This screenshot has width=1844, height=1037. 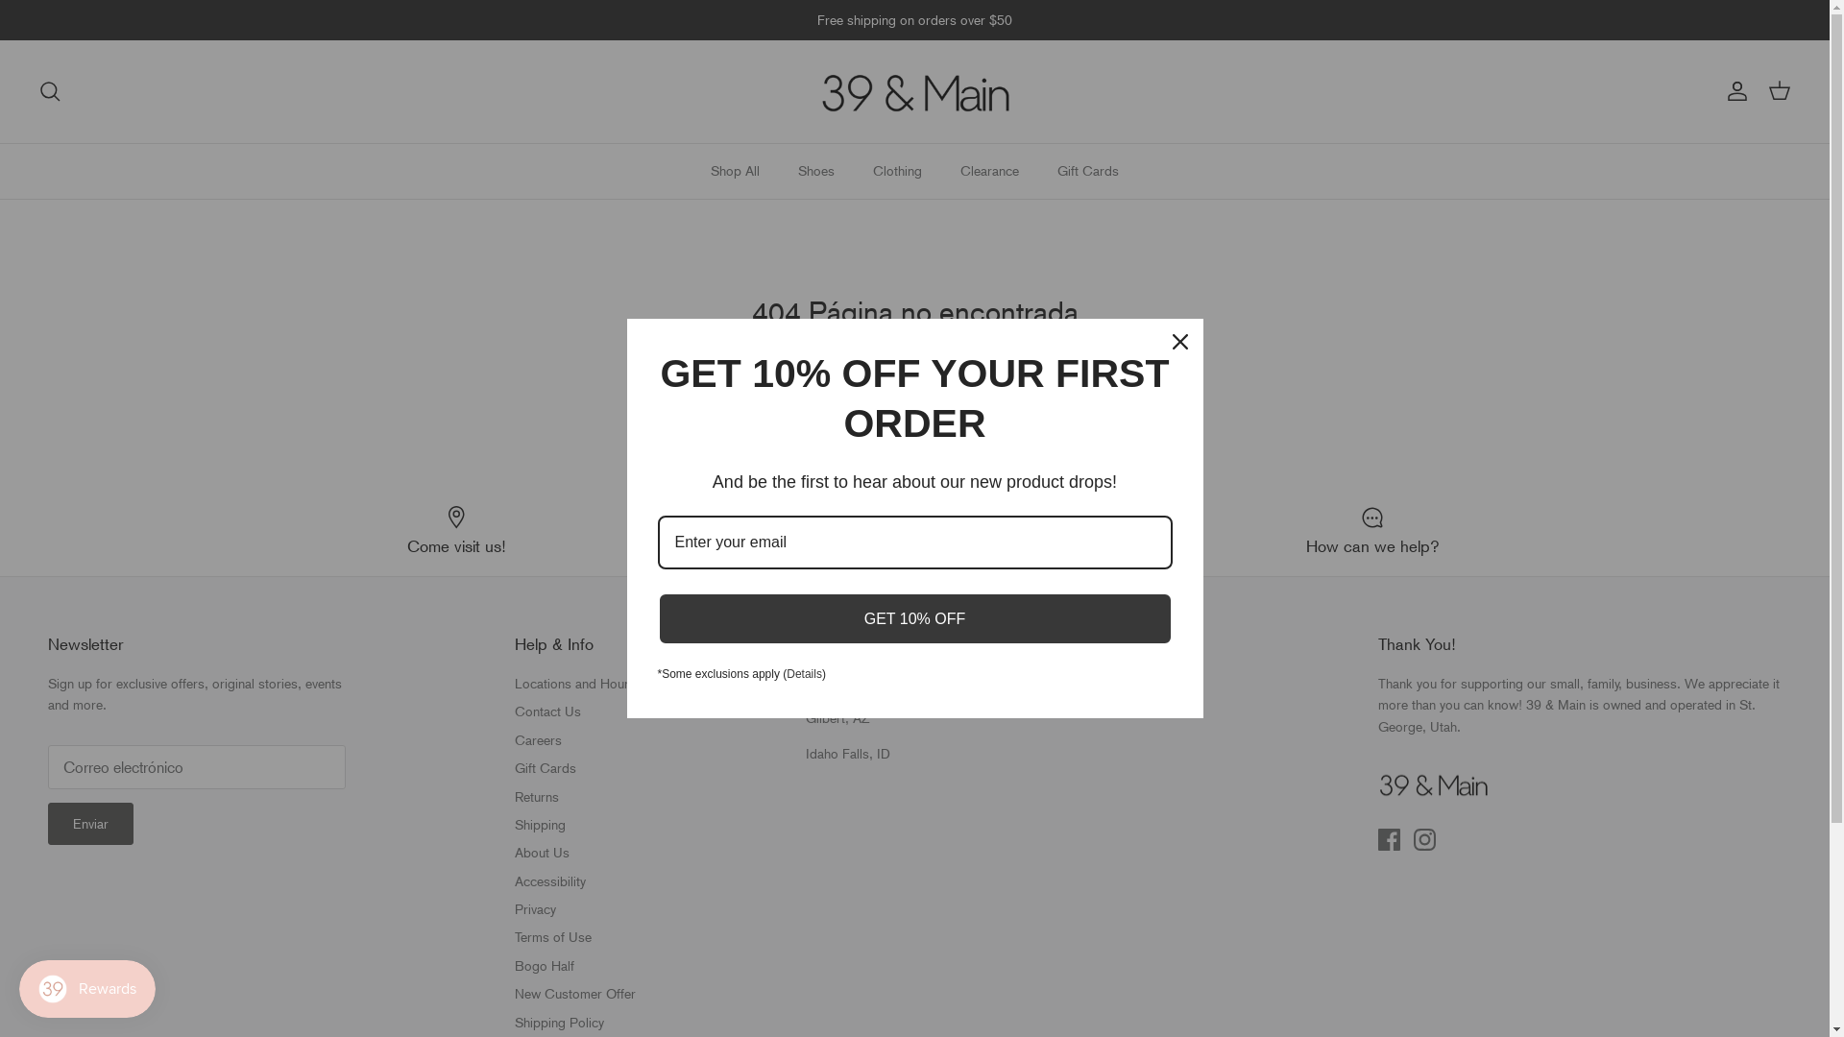 I want to click on 'Shipping Policy', so click(x=515, y=1021).